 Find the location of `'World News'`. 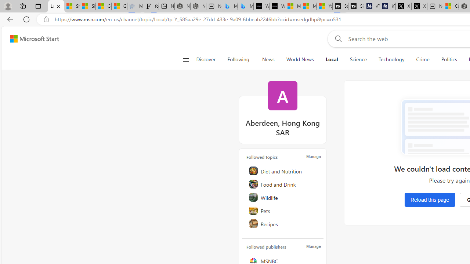

'World News' is located at coordinates (300, 59).